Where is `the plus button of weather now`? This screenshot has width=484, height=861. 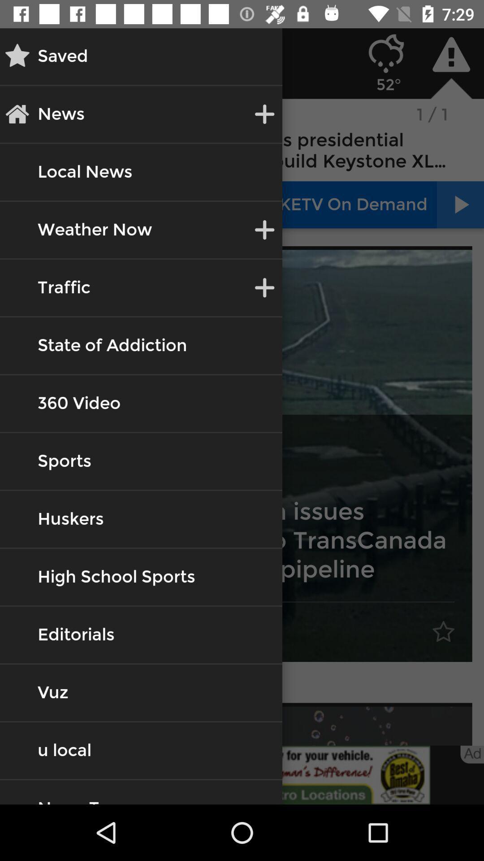
the plus button of weather now is located at coordinates (264, 230).